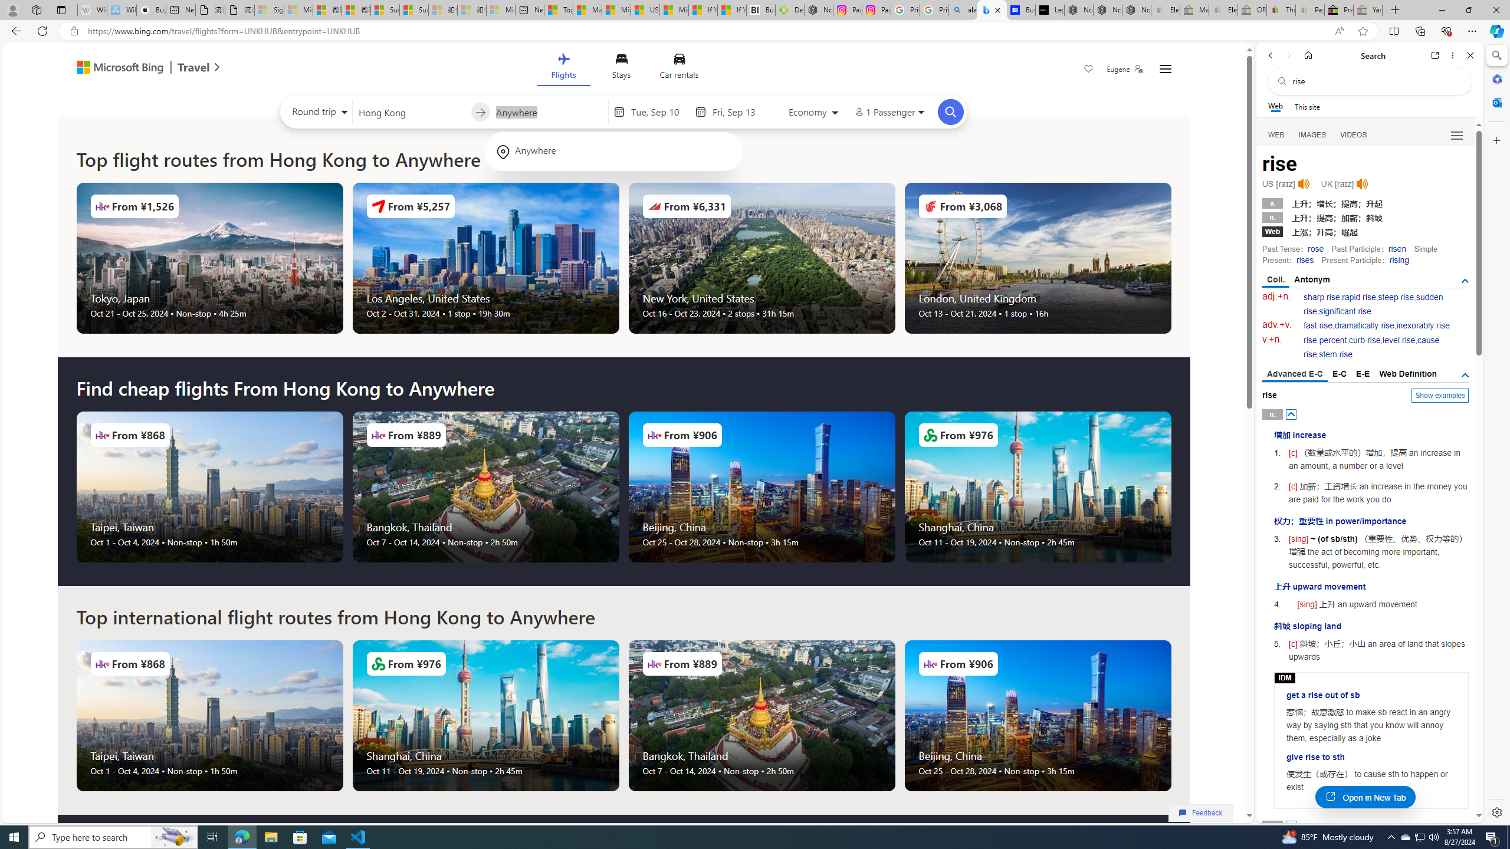 The image size is (1510, 849). Describe the element at coordinates (1317, 325) in the screenshot. I see `'fast rise'` at that location.